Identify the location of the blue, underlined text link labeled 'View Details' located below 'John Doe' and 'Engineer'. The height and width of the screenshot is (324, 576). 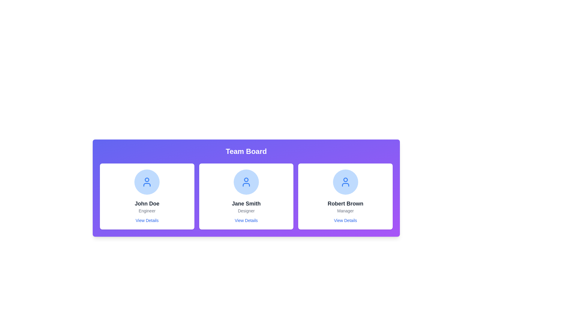
(147, 220).